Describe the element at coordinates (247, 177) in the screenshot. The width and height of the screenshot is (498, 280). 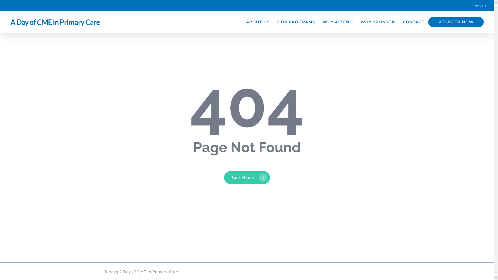
I see `'Back Home'` at that location.